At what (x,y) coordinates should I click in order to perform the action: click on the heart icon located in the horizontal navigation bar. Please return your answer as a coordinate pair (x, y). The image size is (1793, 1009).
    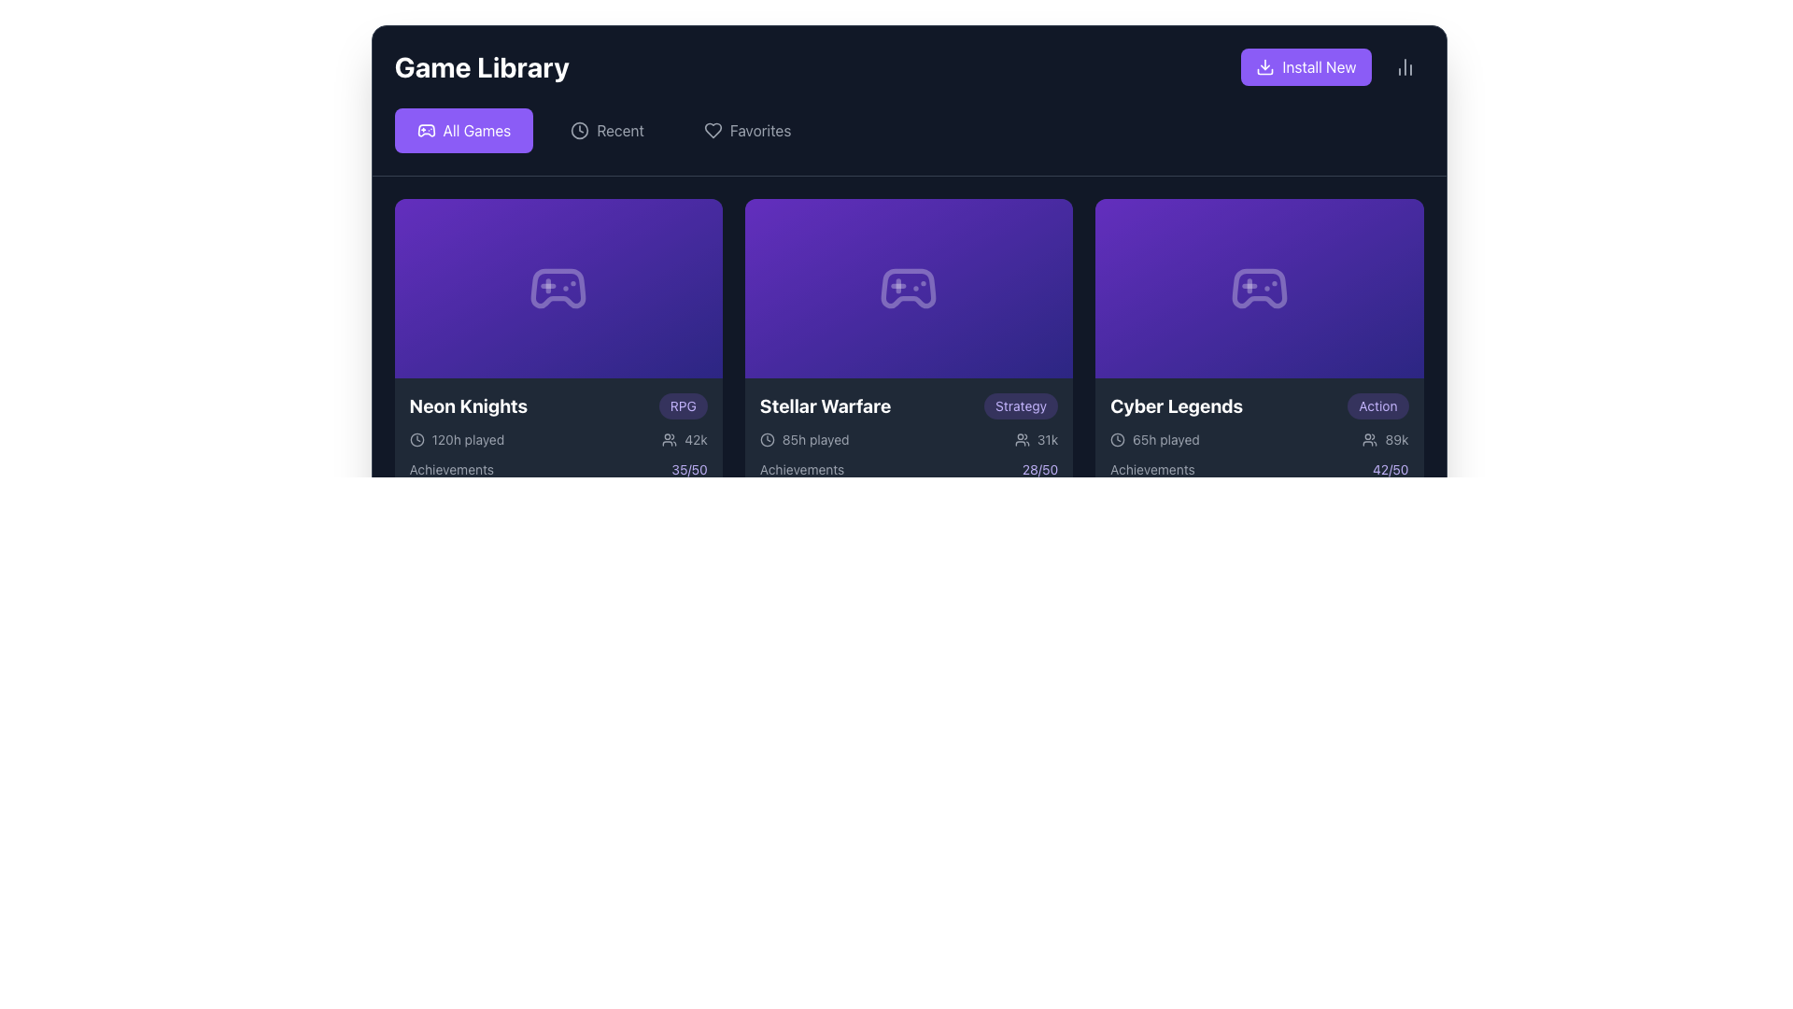
    Looking at the image, I should click on (712, 129).